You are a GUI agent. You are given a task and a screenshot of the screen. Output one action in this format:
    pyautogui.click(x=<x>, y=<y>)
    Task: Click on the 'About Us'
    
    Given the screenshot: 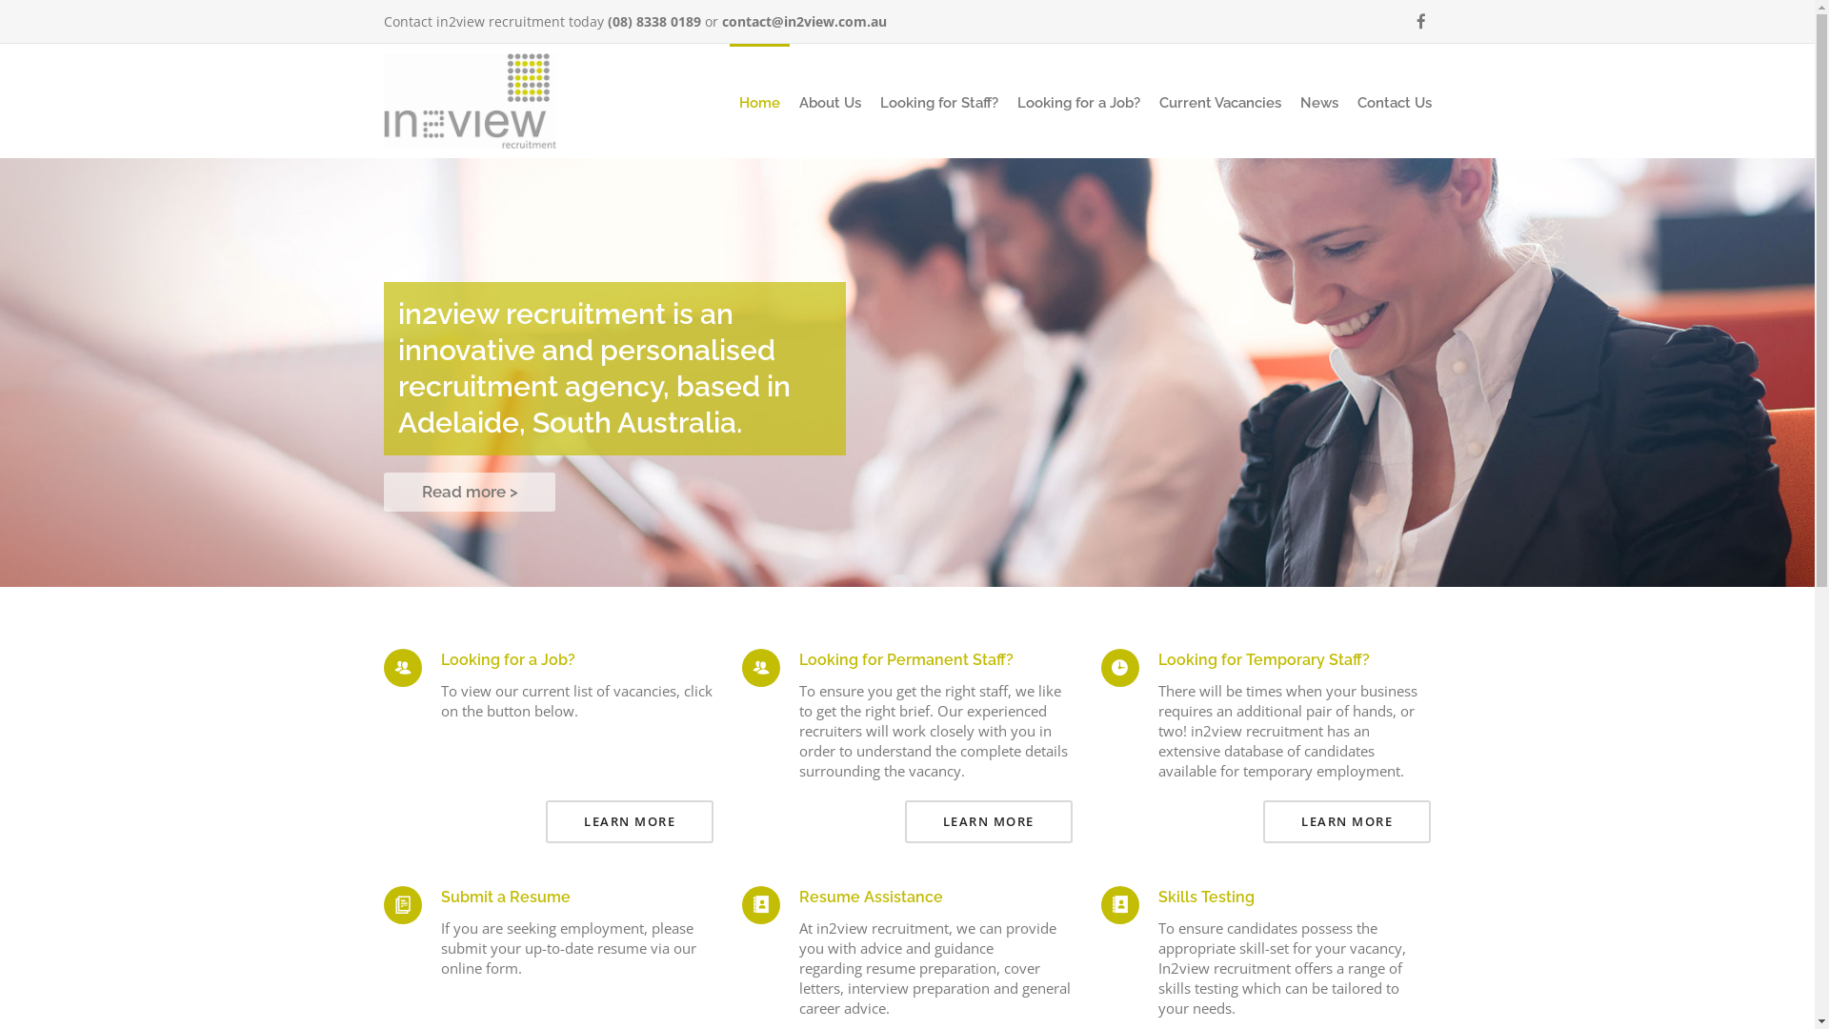 What is the action you would take?
    pyautogui.click(x=829, y=103)
    